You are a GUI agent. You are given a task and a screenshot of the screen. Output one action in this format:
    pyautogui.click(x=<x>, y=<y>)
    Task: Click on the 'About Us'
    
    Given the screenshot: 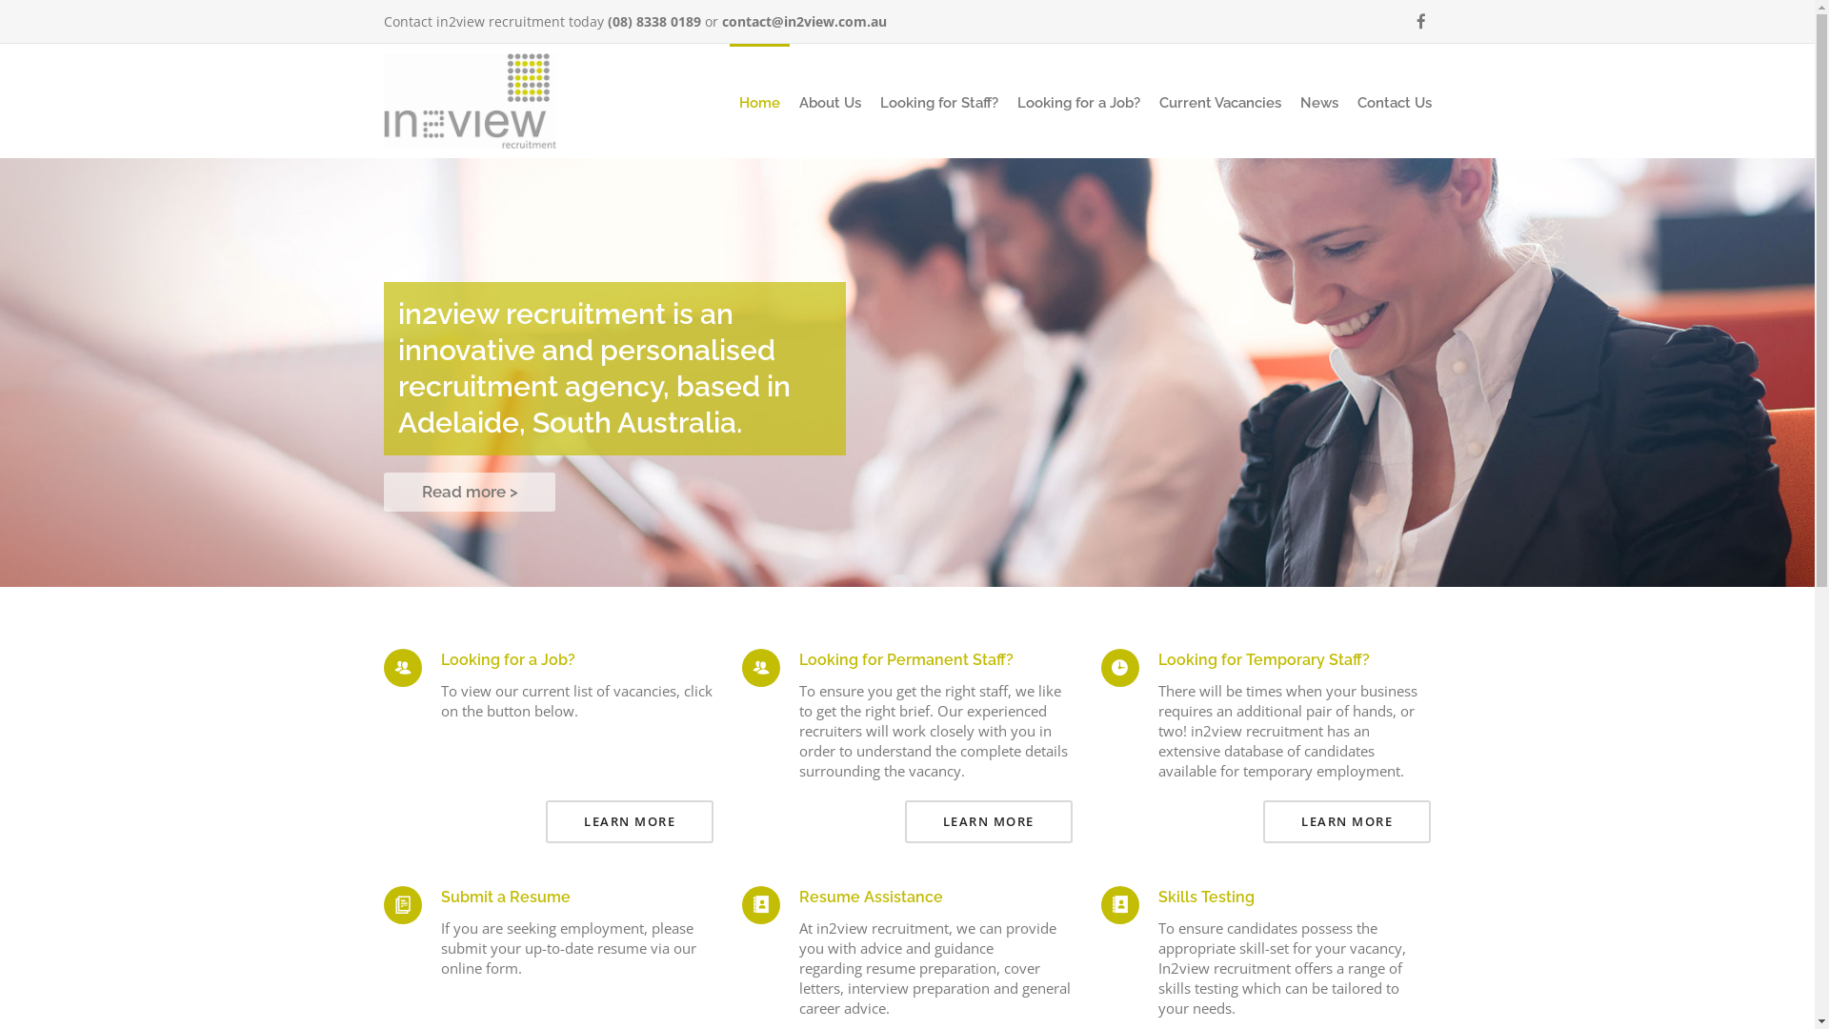 What is the action you would take?
    pyautogui.click(x=829, y=103)
    